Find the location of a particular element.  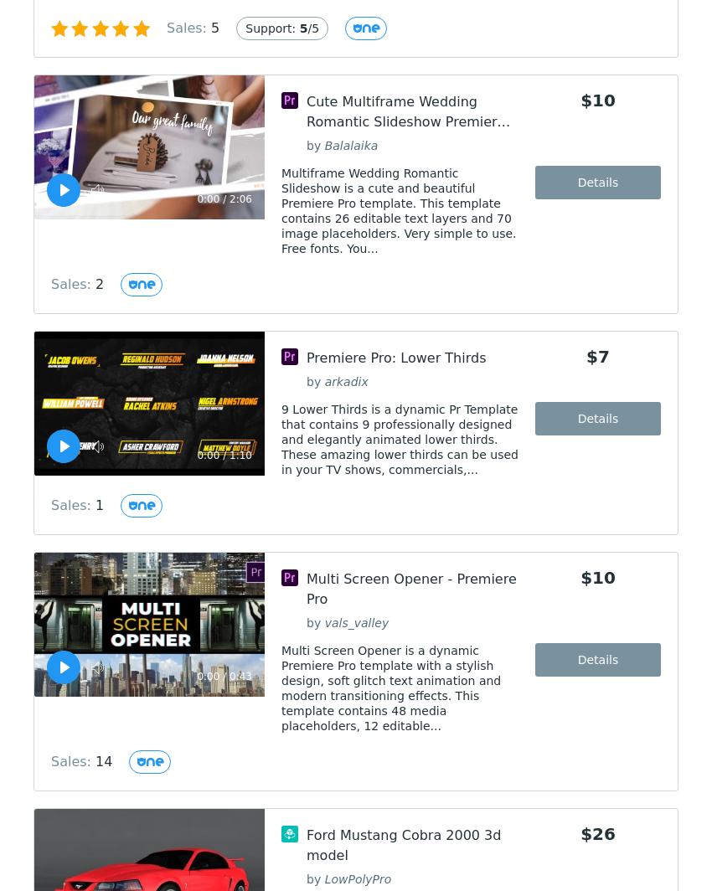

'Balalaika' is located at coordinates (350, 145).